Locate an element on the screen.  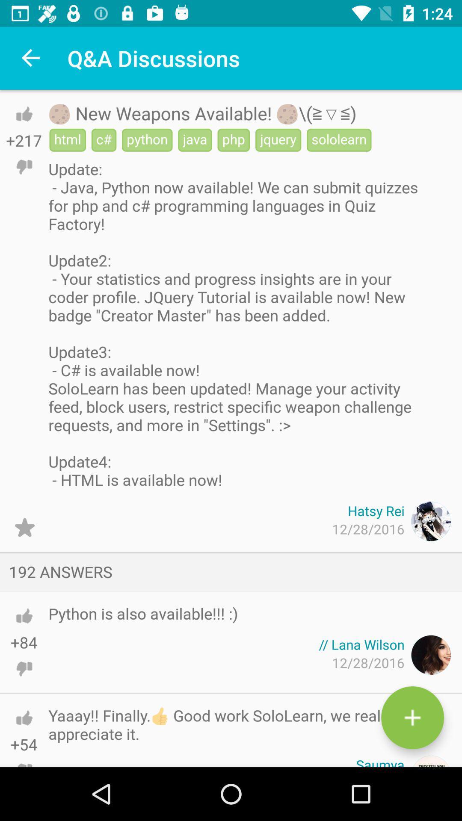
dislike the answer is located at coordinates (24, 757).